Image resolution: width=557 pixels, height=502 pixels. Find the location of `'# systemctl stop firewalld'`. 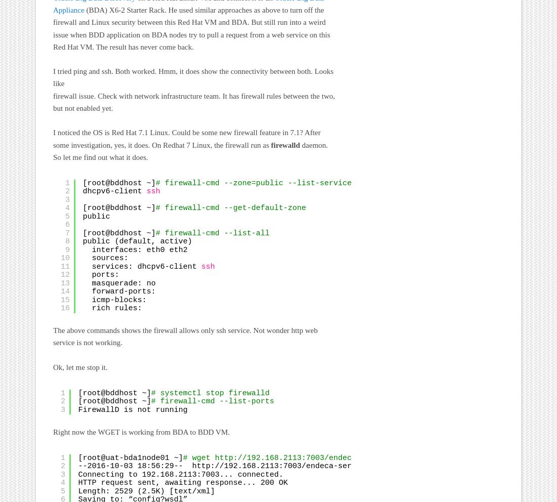

'# systemctl stop firewalld' is located at coordinates (210, 393).